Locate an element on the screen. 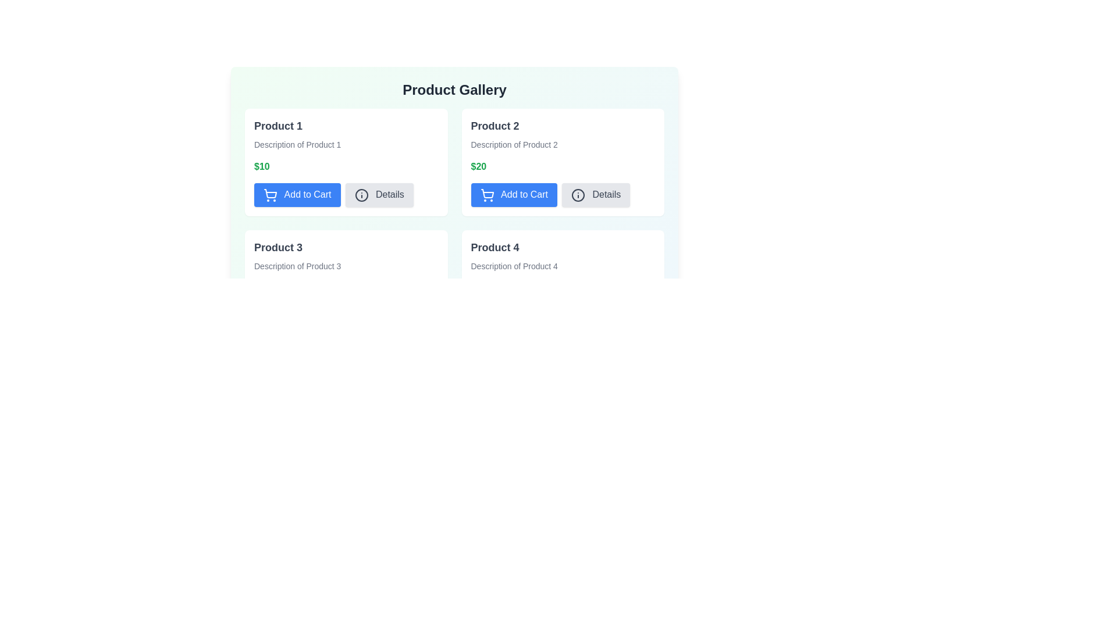 This screenshot has height=628, width=1117. the prominent static text label displaying 'Product 3', located at the top section of the card in the bottom-left segment of the grid layout is located at coordinates (278, 247).